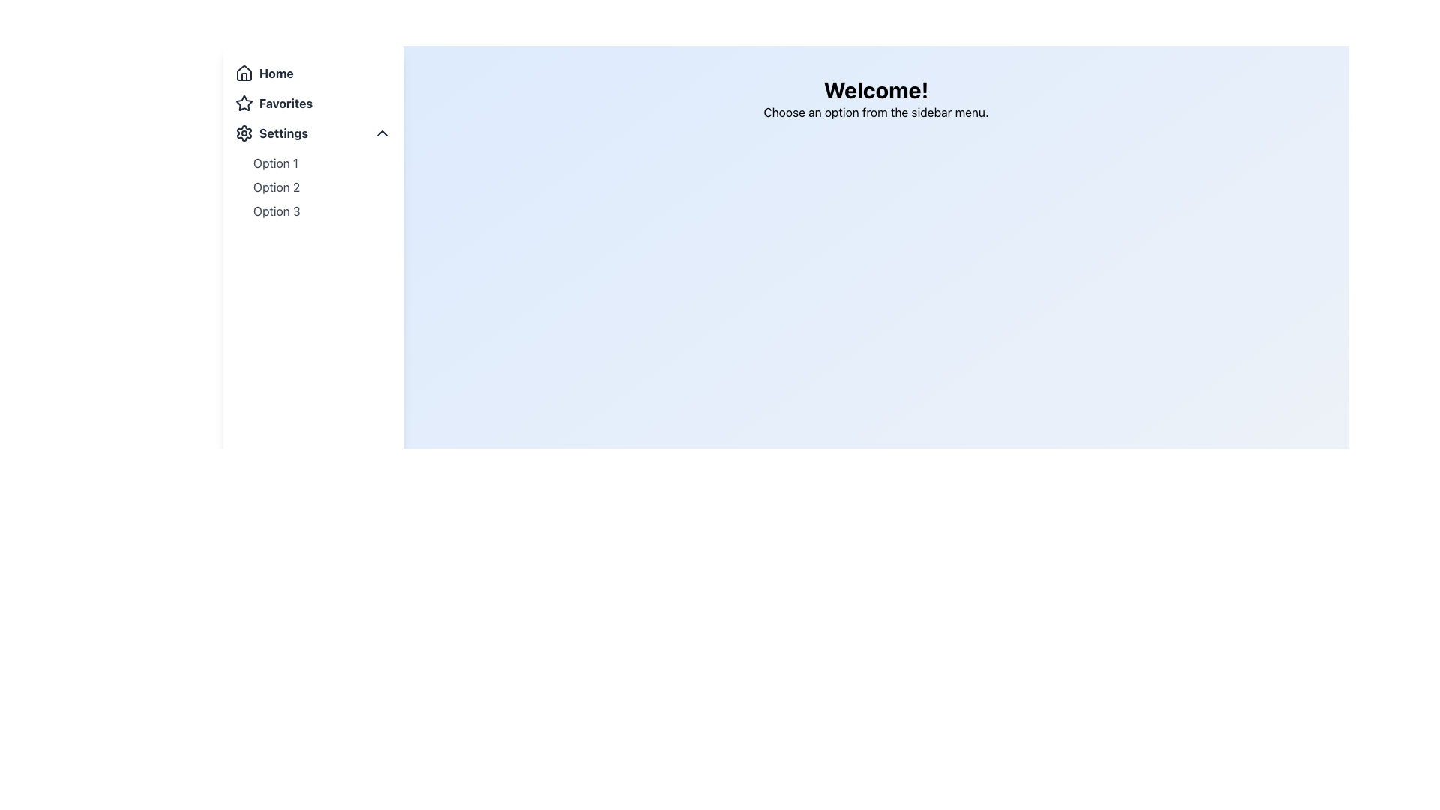  What do you see at coordinates (244, 76) in the screenshot?
I see `the vertical rectangular element that is part of the 'Home' icon in the sidebar menu` at bounding box center [244, 76].